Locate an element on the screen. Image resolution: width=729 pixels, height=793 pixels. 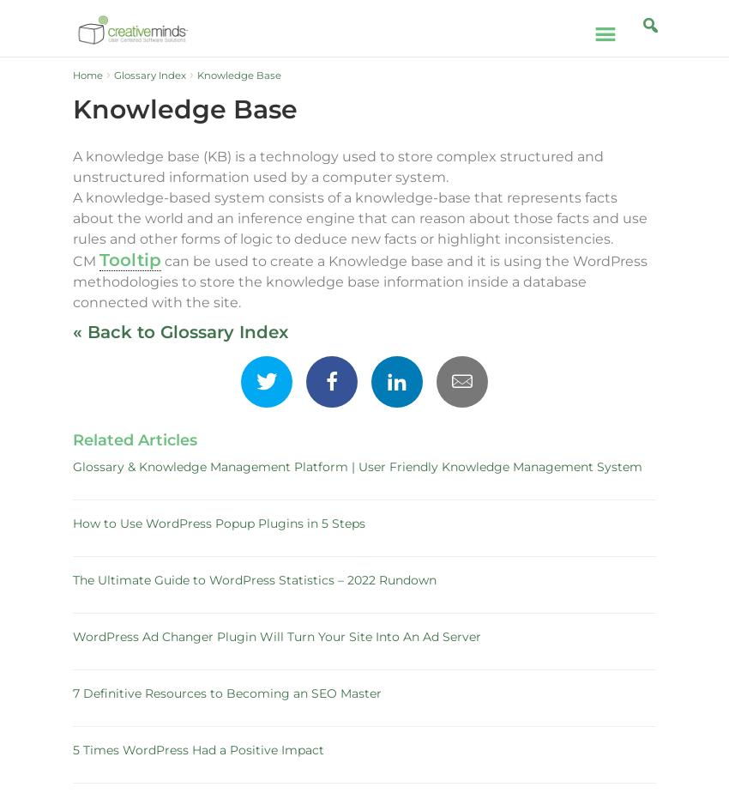
'Related Articles' is located at coordinates (135, 440).